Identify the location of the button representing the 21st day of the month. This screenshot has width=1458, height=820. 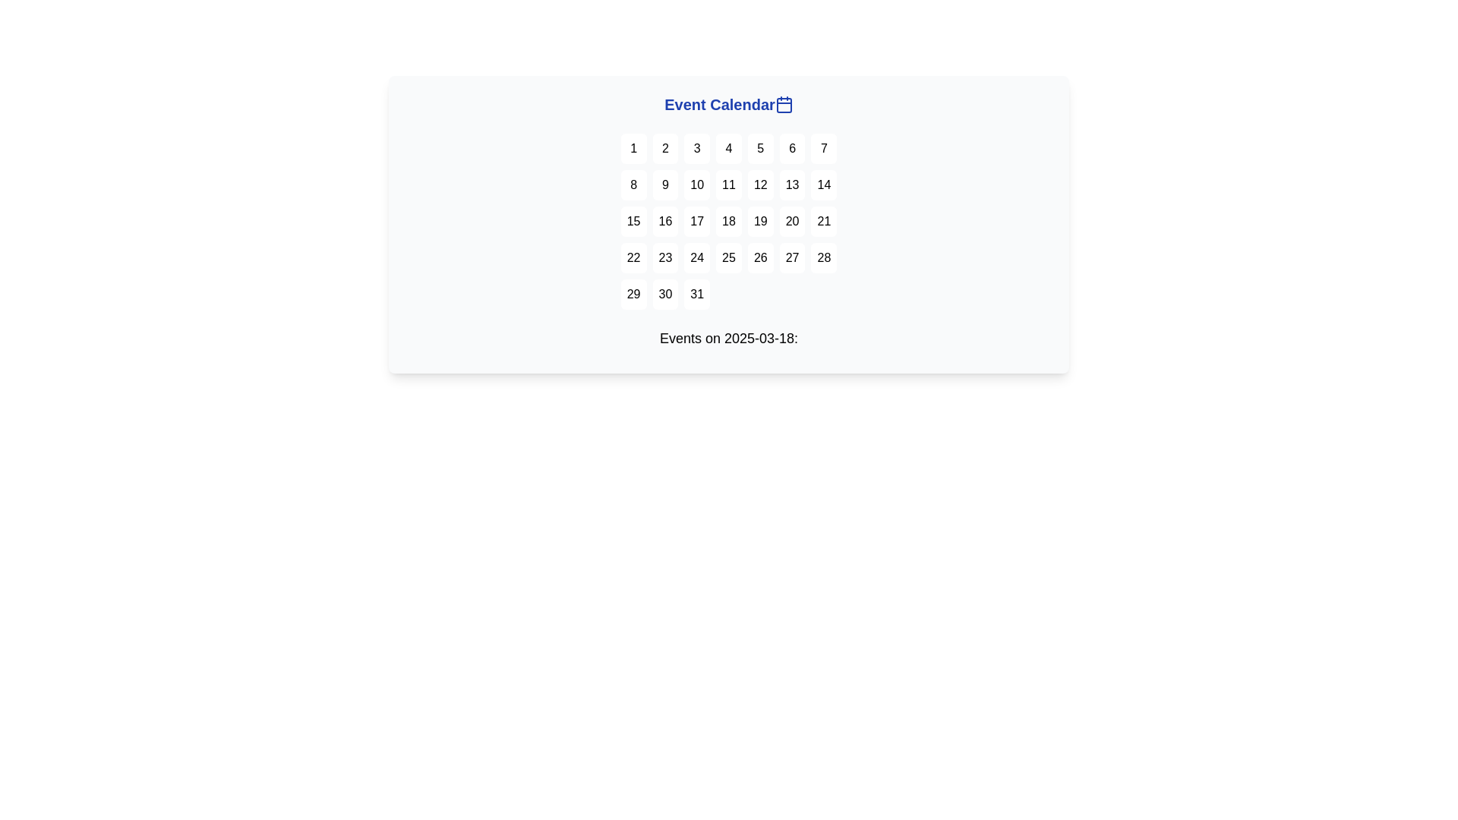
(823, 222).